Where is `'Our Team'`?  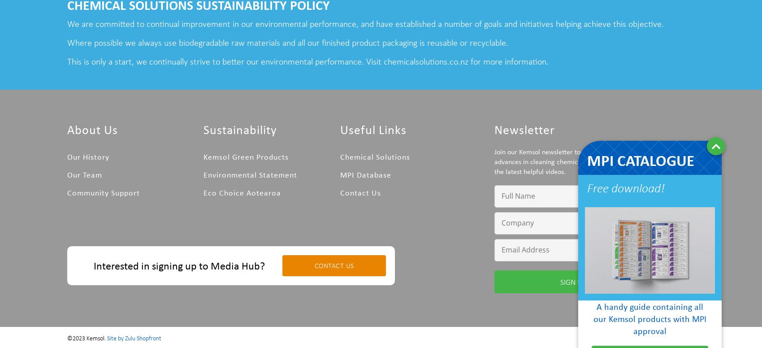 'Our Team' is located at coordinates (84, 174).